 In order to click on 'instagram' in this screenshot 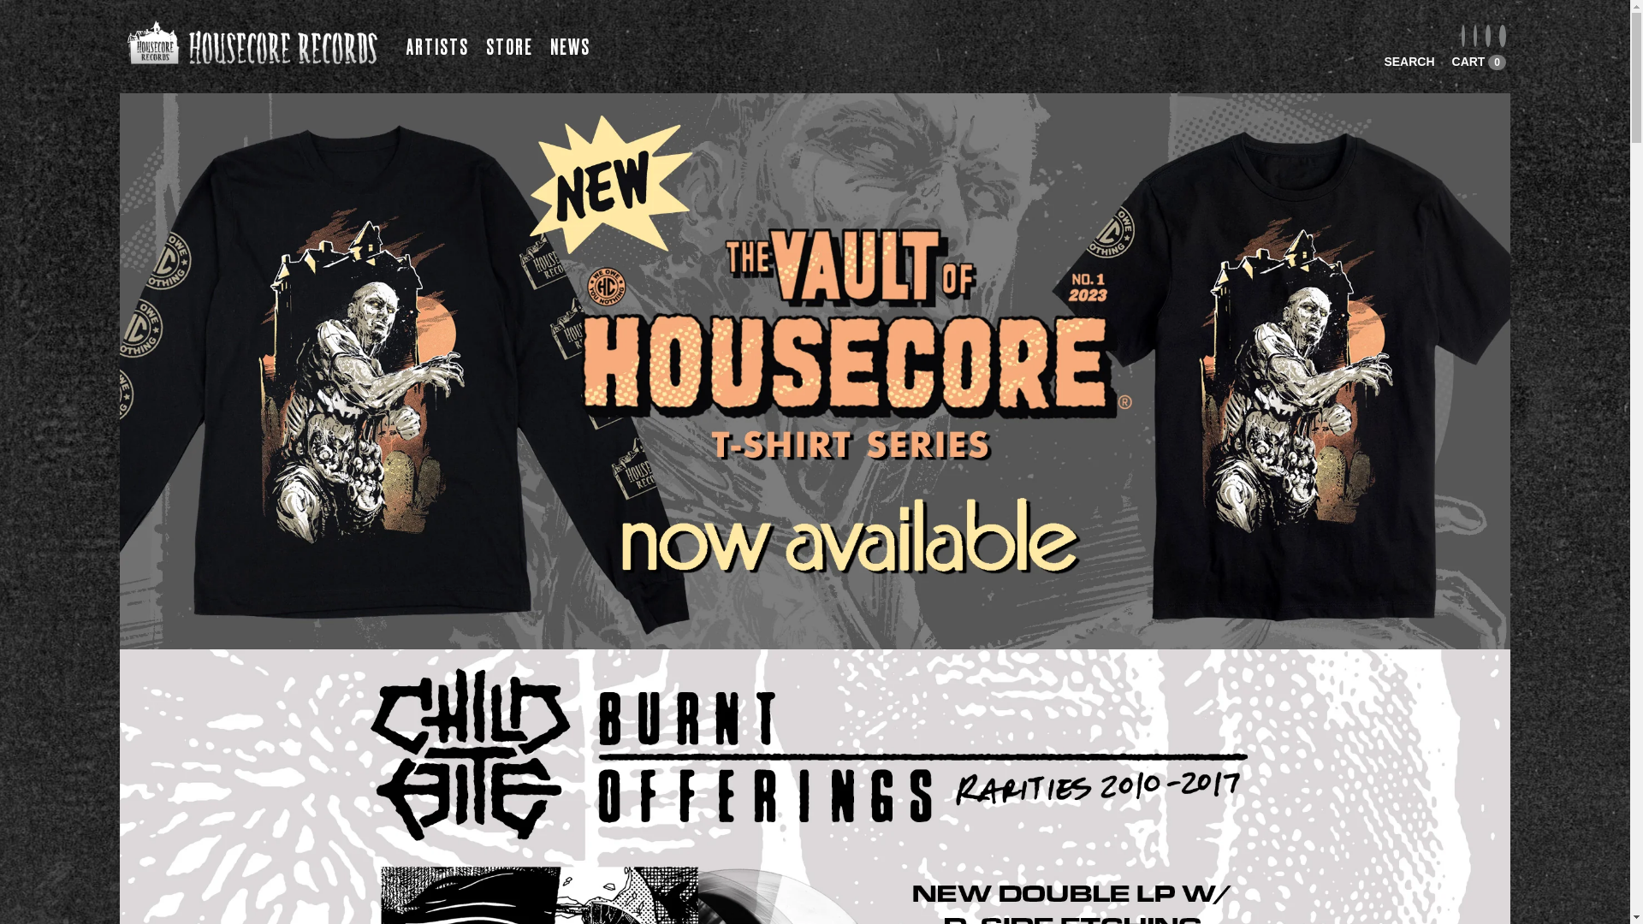, I will do `click(1473, 36)`.